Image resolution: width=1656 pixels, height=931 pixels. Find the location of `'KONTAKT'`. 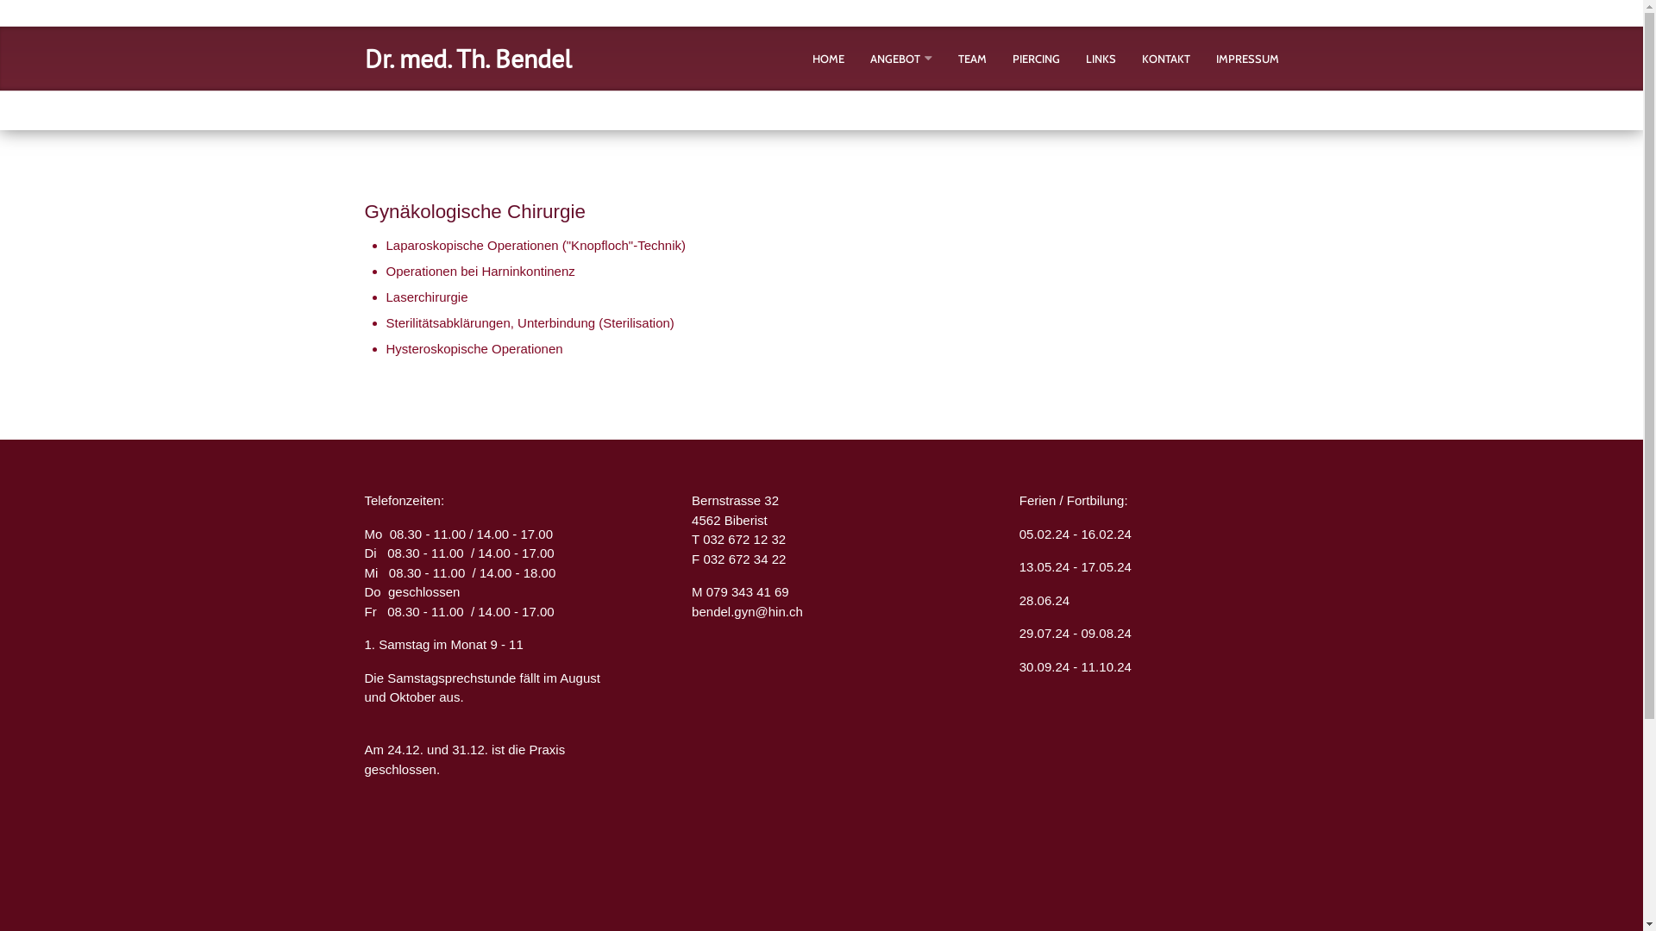

'KONTAKT' is located at coordinates (1166, 58).